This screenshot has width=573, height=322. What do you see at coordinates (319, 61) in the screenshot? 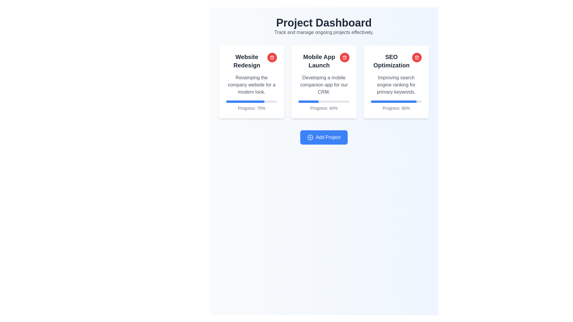
I see `the text label that reads 'Mobile App Launch', which is styled in a bold font and is centrally located at the top of the middle project card` at bounding box center [319, 61].